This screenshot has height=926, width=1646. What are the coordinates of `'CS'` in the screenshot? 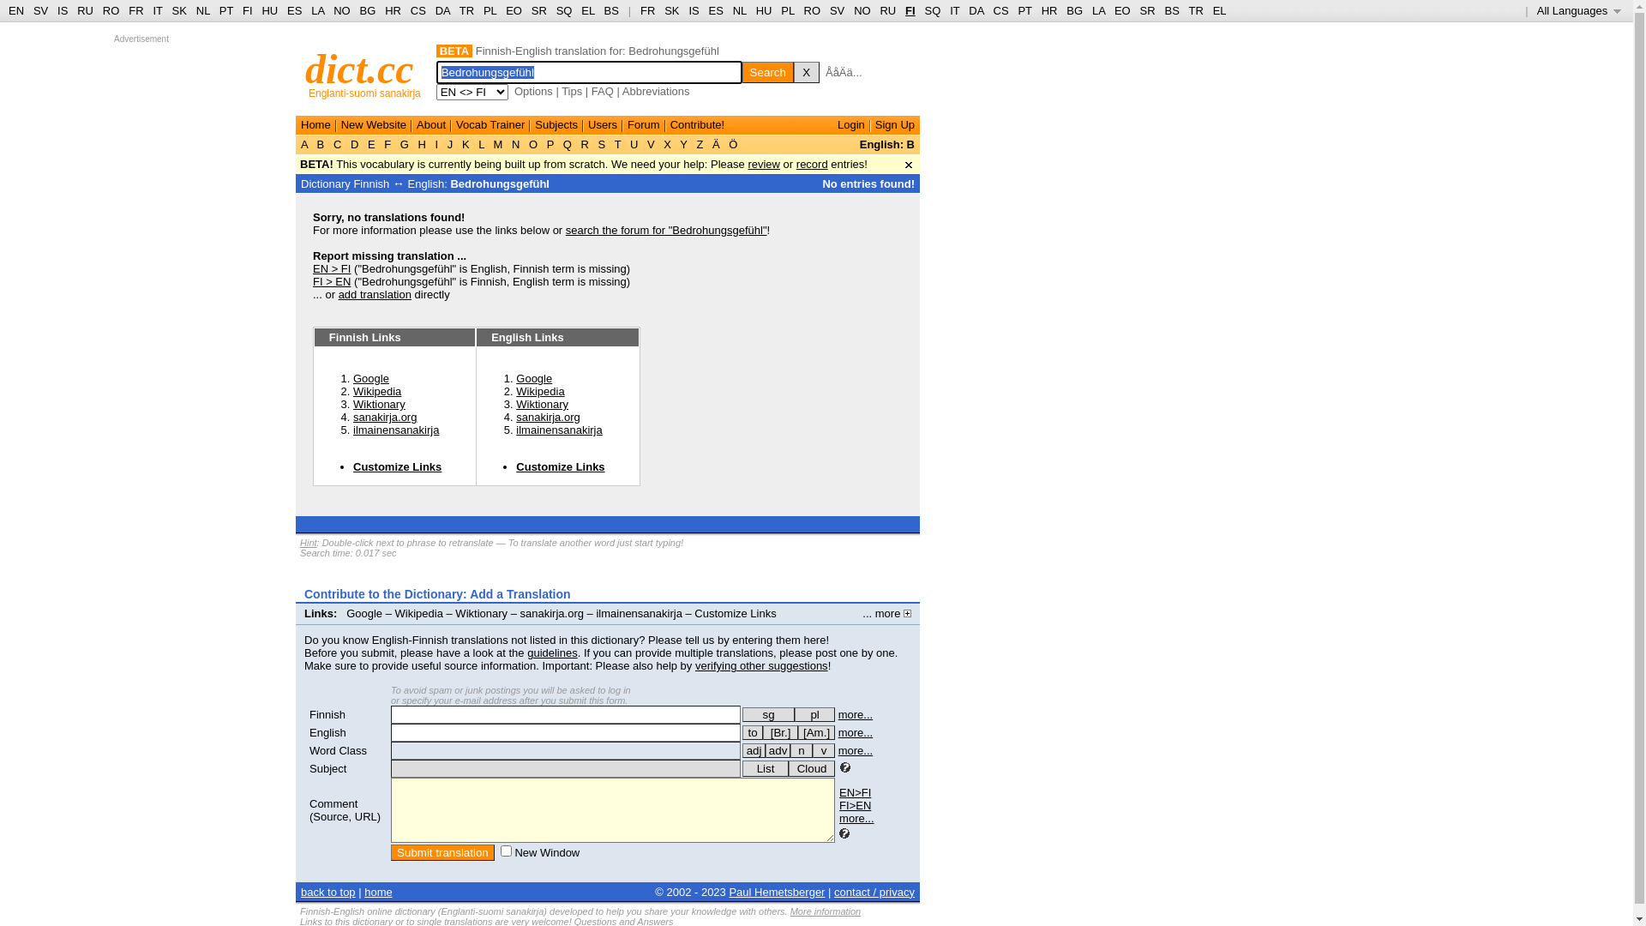 It's located at (418, 10).